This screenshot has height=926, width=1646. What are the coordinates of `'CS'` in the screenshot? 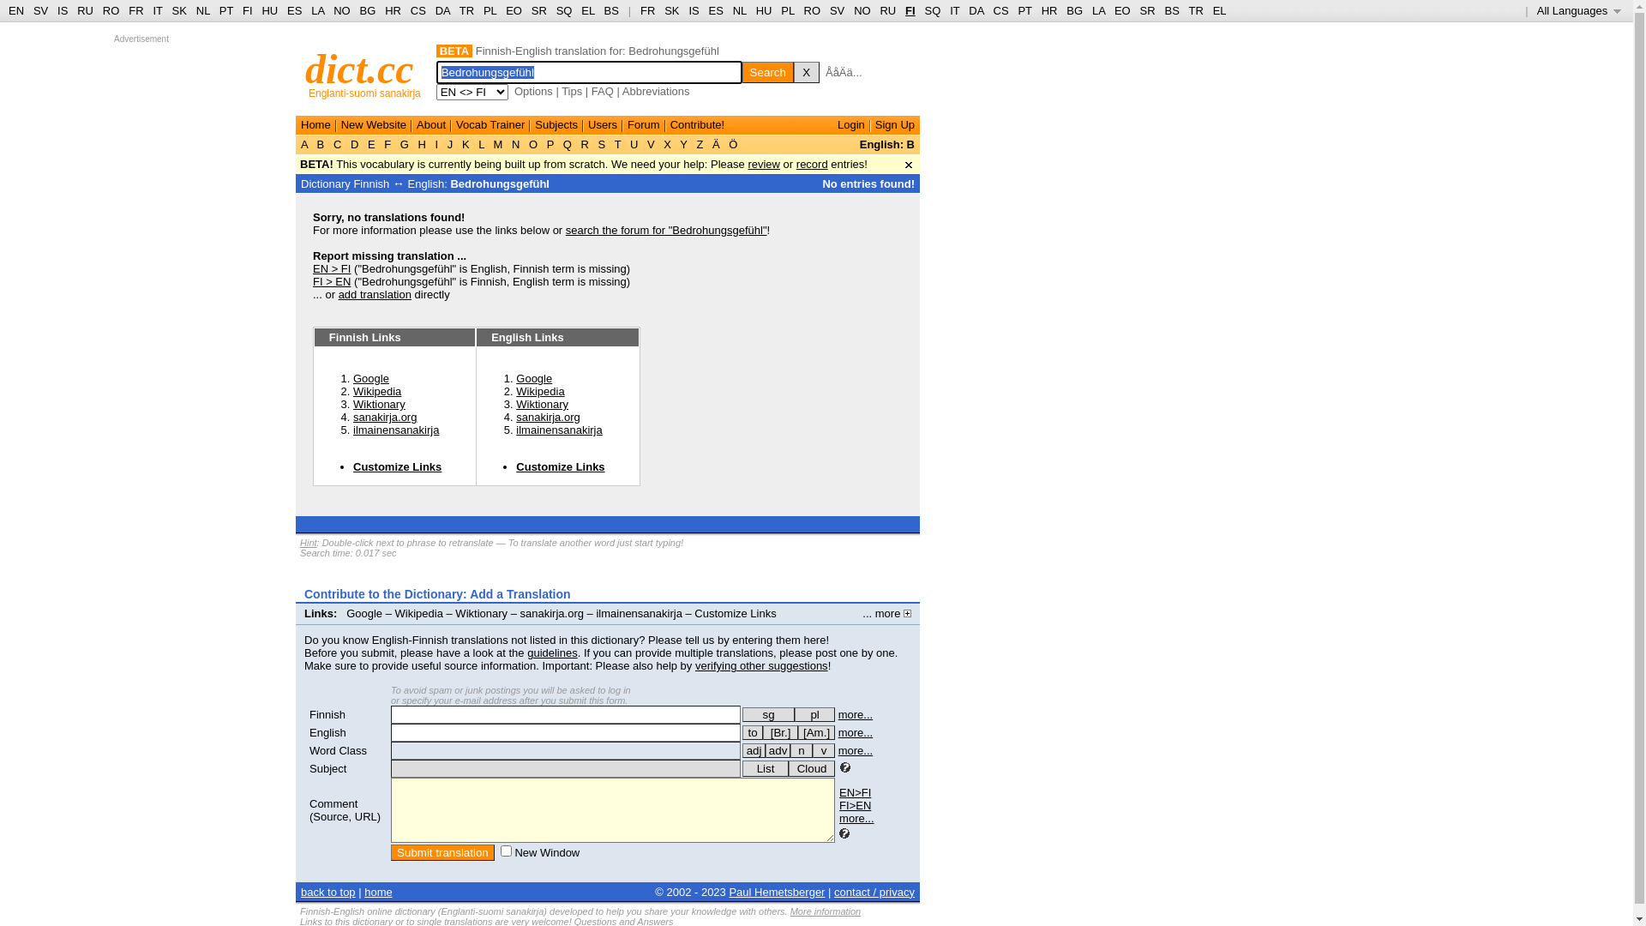 It's located at (418, 10).